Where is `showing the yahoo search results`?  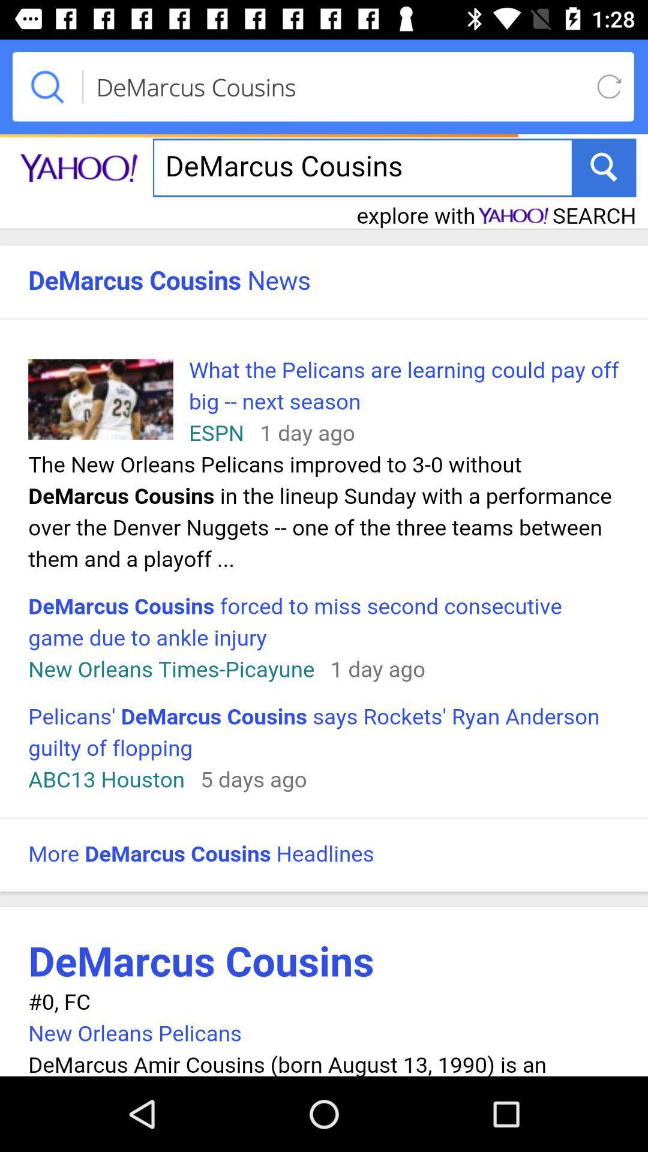
showing the yahoo search results is located at coordinates (324, 602).